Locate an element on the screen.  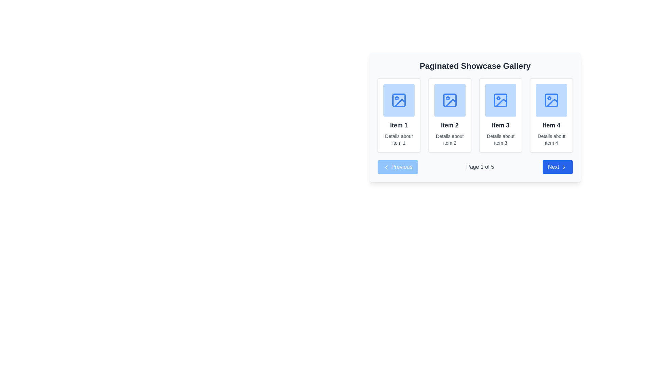
the text element that reads 'Details about item 3', which is in smaller gray font located below the title 'Item 3' is located at coordinates (501, 139).